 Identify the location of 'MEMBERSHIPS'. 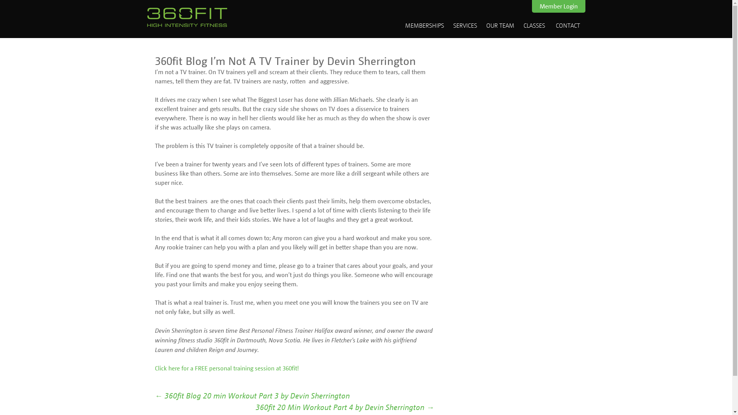
(424, 25).